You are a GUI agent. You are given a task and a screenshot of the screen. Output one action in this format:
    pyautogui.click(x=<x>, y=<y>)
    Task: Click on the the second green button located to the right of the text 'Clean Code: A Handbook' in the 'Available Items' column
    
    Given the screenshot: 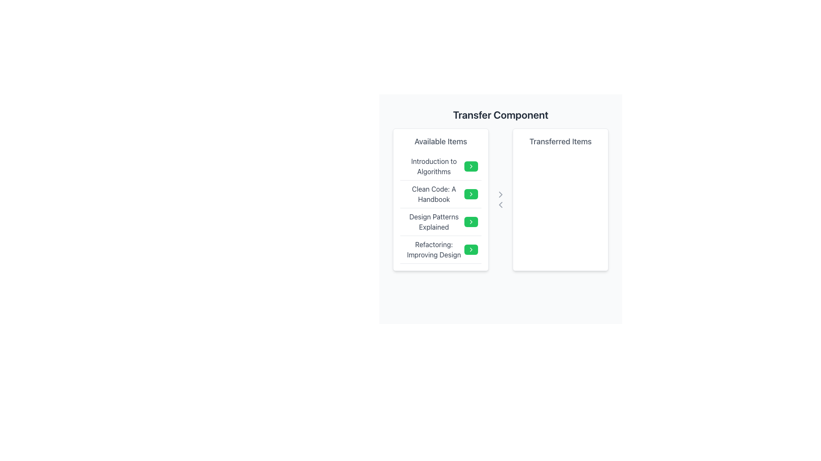 What is the action you would take?
    pyautogui.click(x=471, y=194)
    